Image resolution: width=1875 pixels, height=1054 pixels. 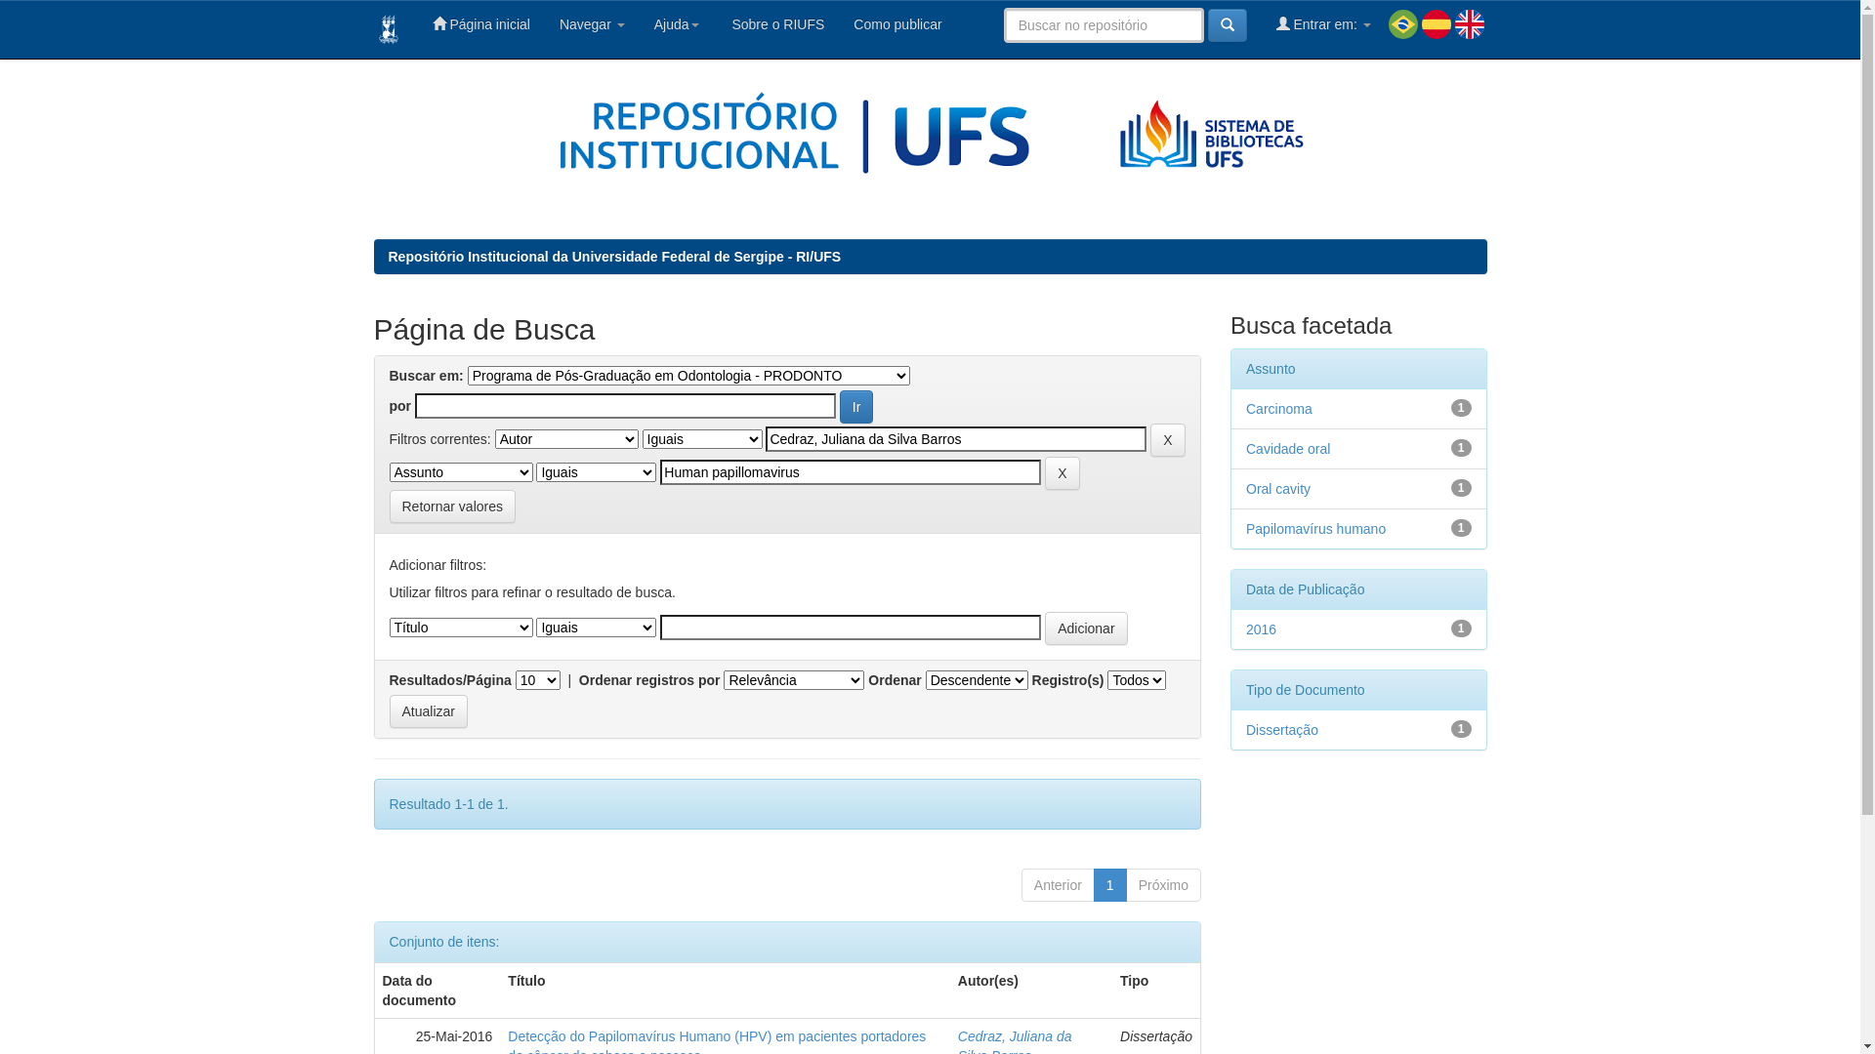 What do you see at coordinates (1278, 488) in the screenshot?
I see `'Oral cavity'` at bounding box center [1278, 488].